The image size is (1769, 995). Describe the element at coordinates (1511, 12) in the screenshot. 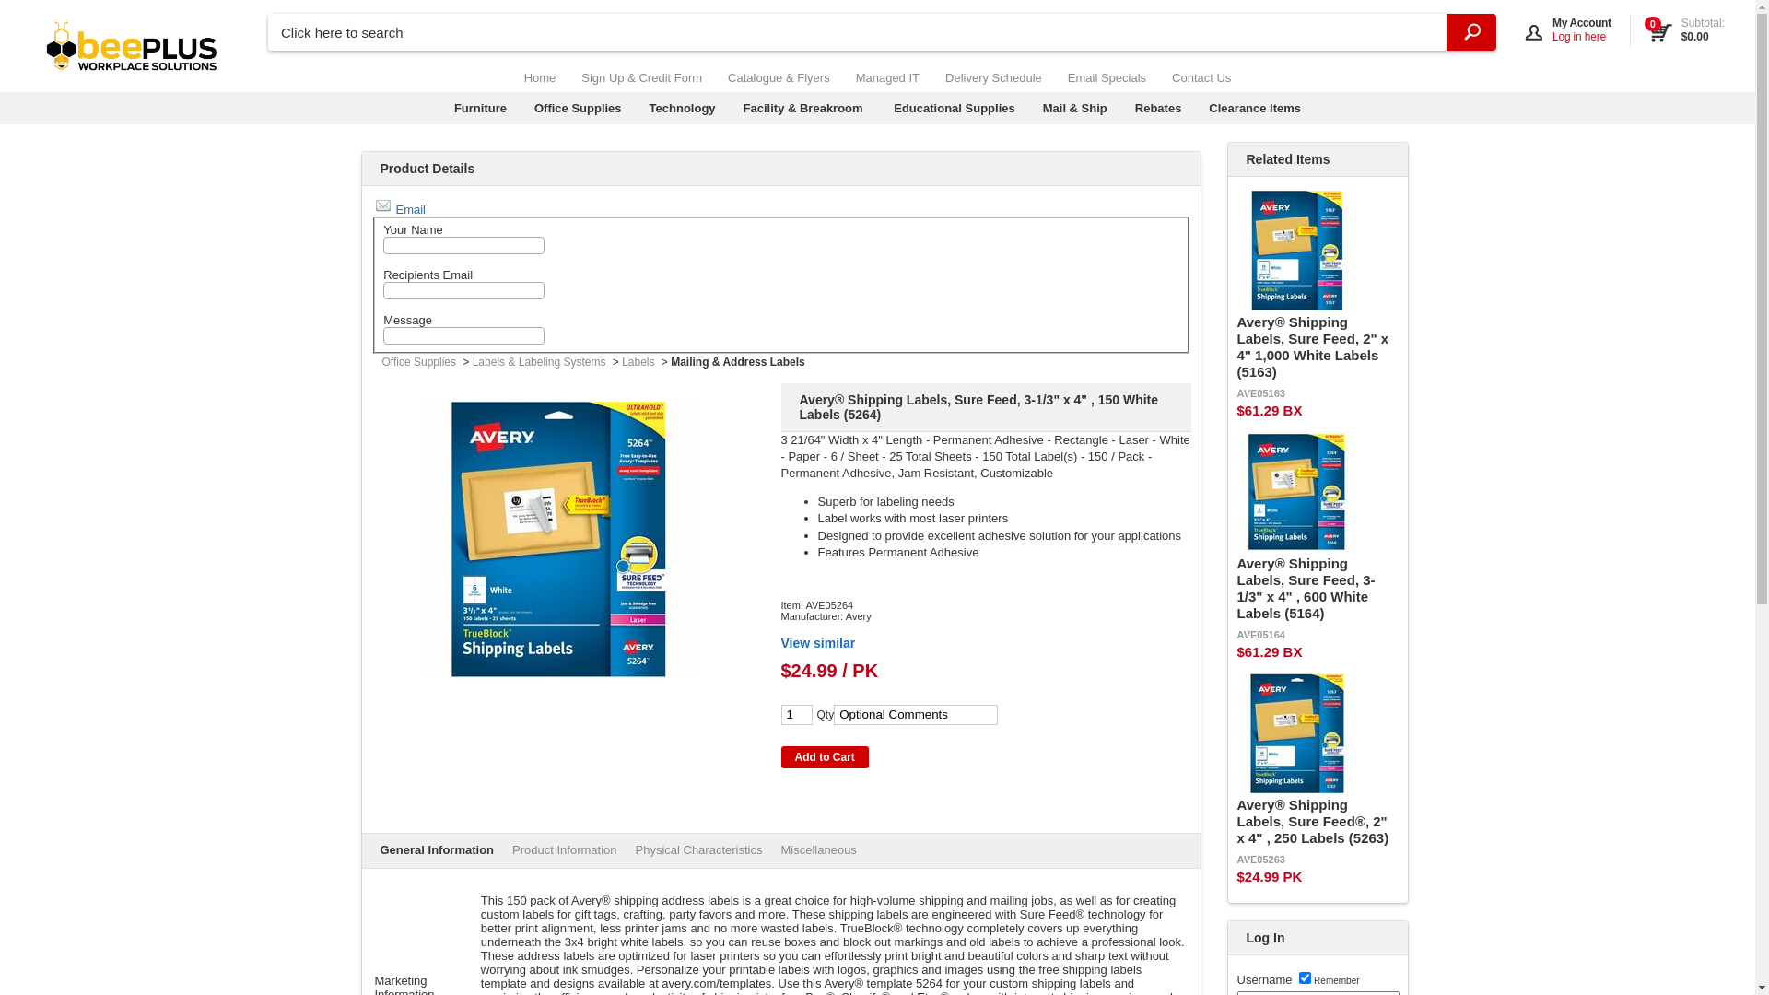

I see `'Open My Account'` at that location.